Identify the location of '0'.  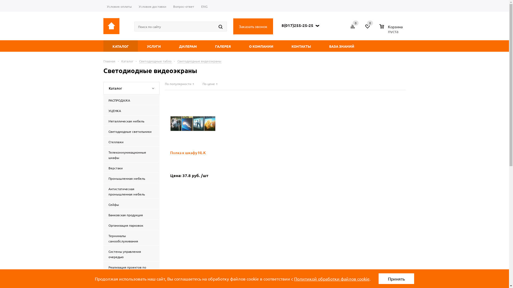
(355, 22).